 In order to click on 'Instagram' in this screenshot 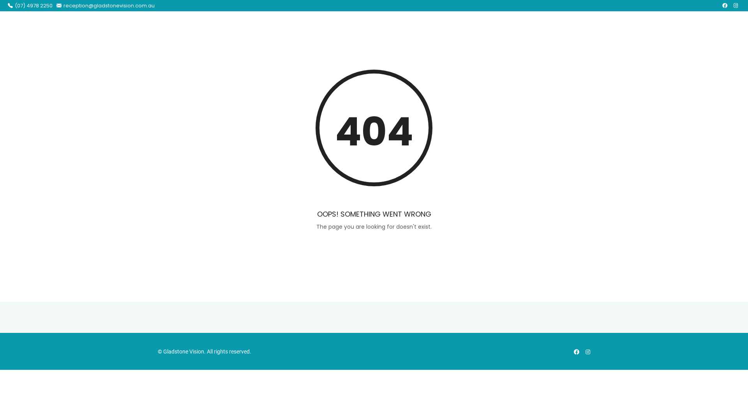, I will do `click(587, 351)`.